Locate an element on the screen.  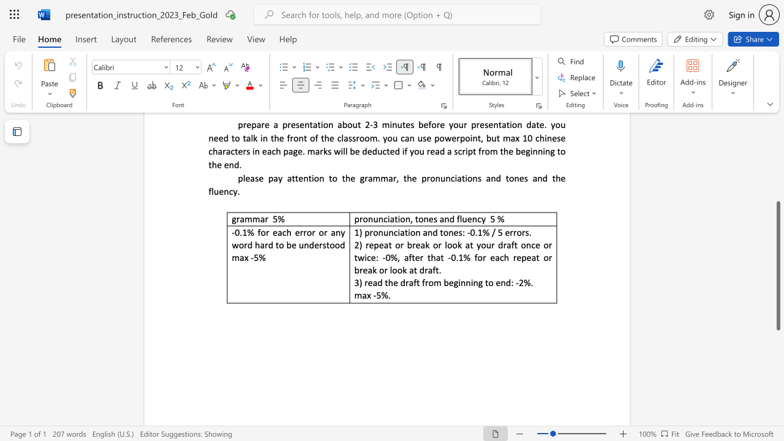
the scrollbar on the right to shift the page higher is located at coordinates (777, 146).